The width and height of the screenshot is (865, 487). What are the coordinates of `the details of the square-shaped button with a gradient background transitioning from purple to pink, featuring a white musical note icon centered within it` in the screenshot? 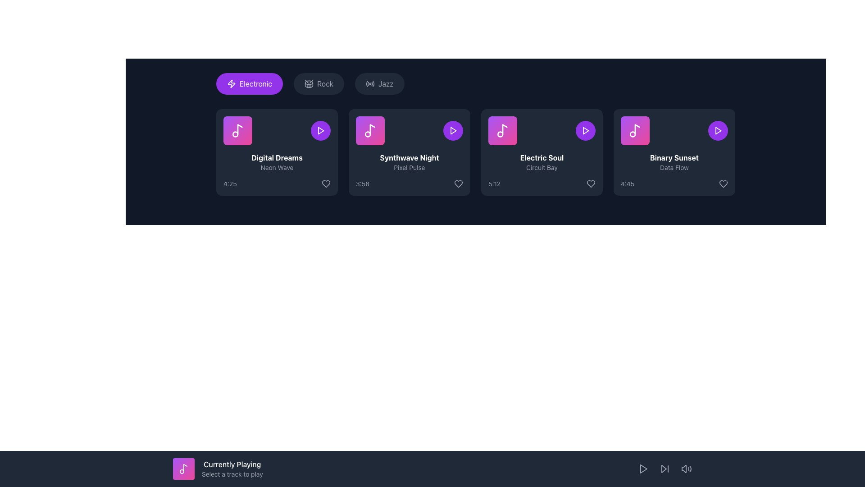 It's located at (238, 130).